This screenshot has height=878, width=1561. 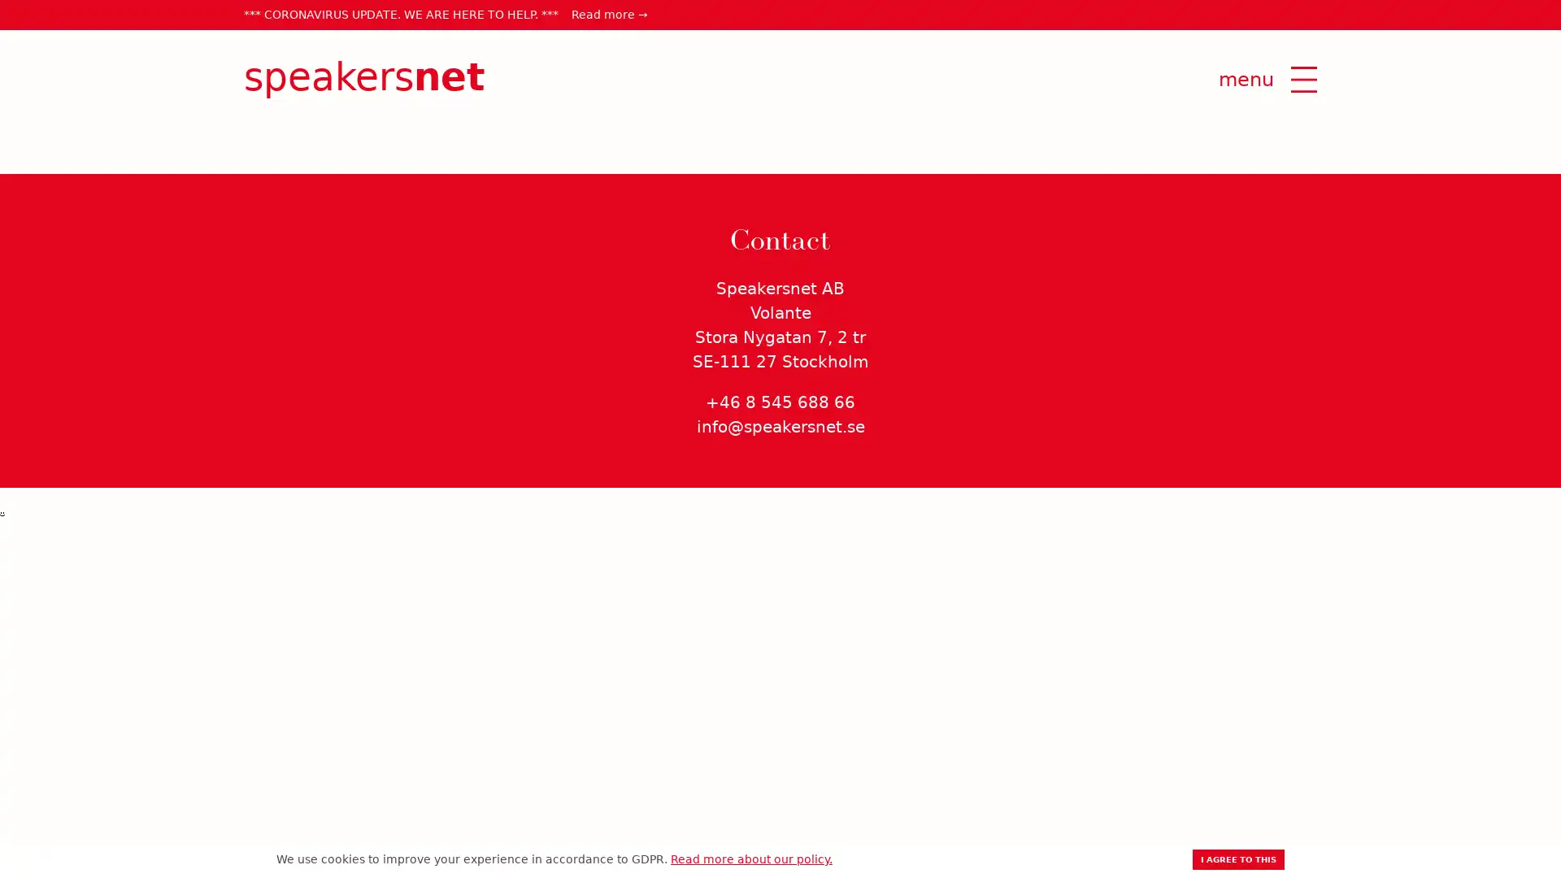 I want to click on I AGREE TO THIS, so click(x=1237, y=858).